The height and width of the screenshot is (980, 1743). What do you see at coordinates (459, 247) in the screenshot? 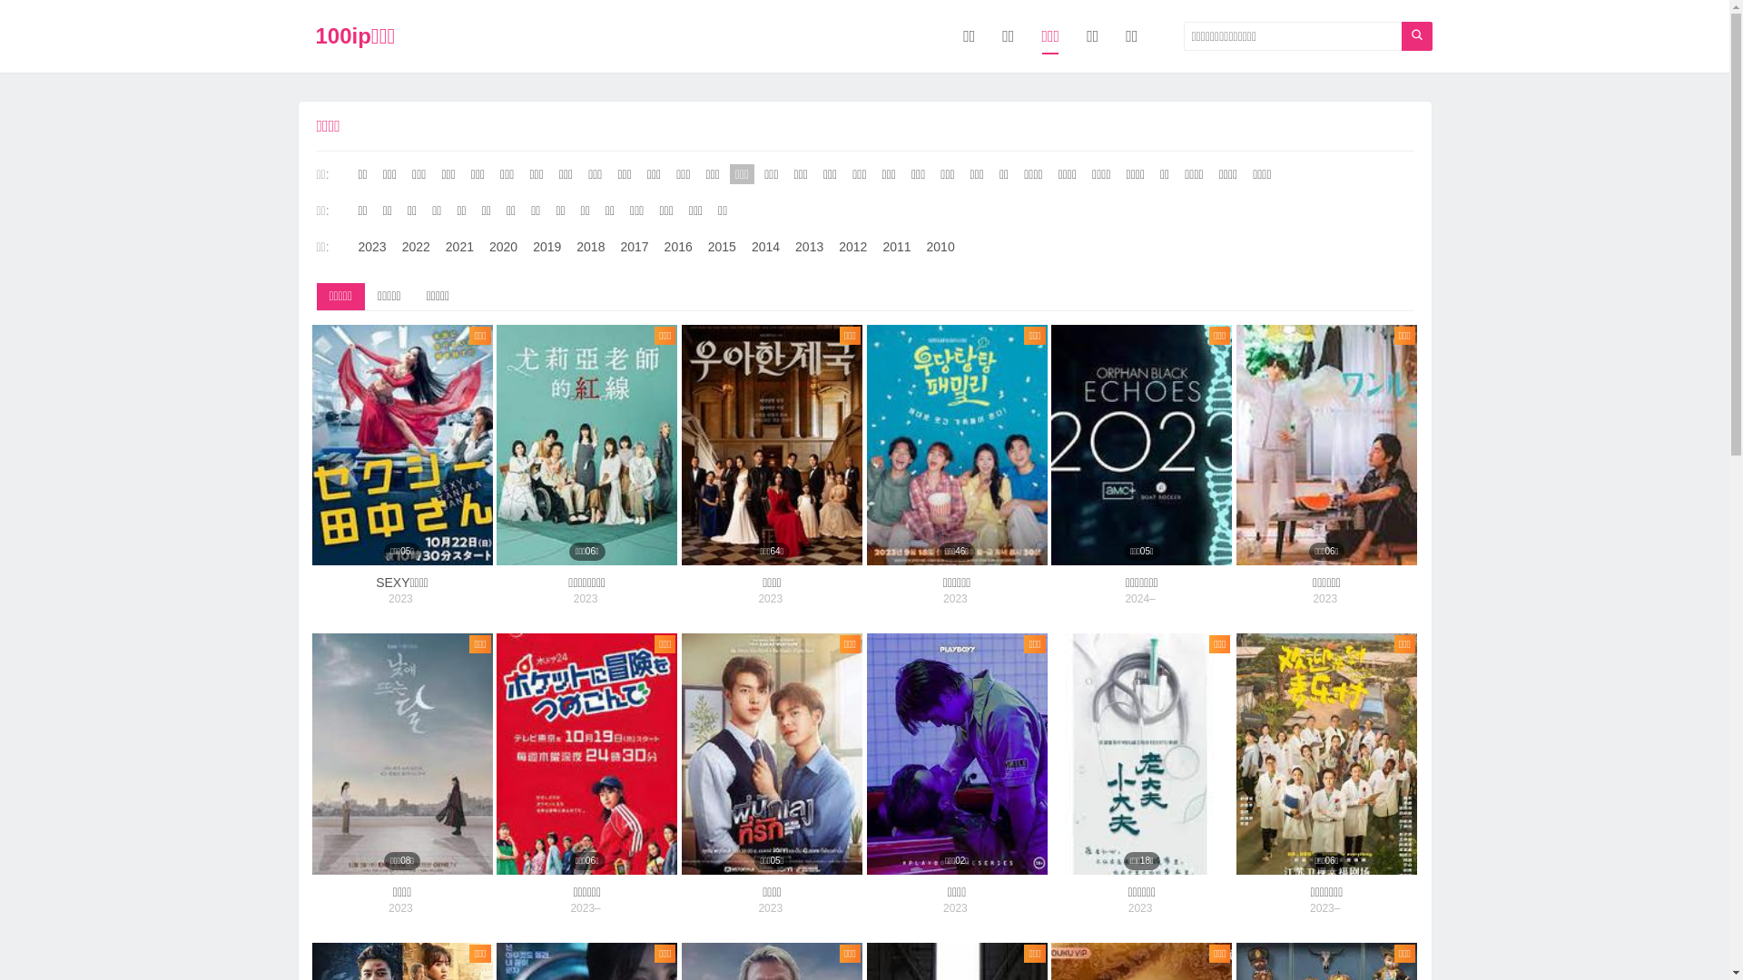
I see `'2021'` at bounding box center [459, 247].